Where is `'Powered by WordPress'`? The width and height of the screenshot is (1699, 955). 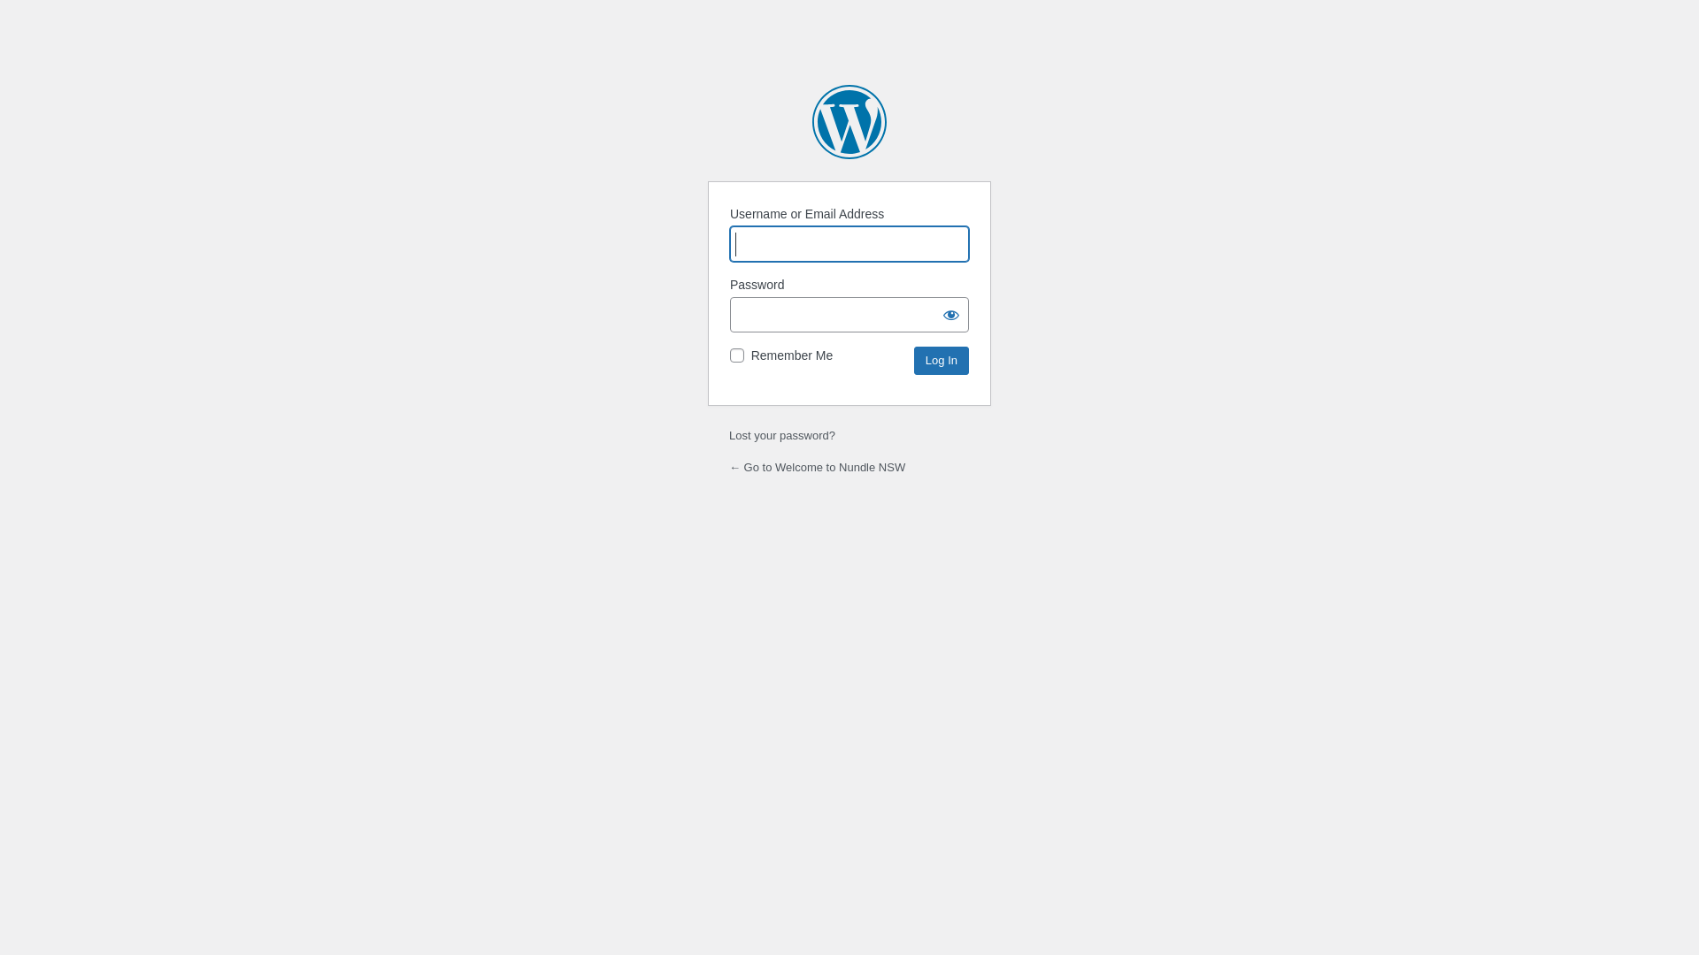 'Powered by WordPress' is located at coordinates (849, 121).